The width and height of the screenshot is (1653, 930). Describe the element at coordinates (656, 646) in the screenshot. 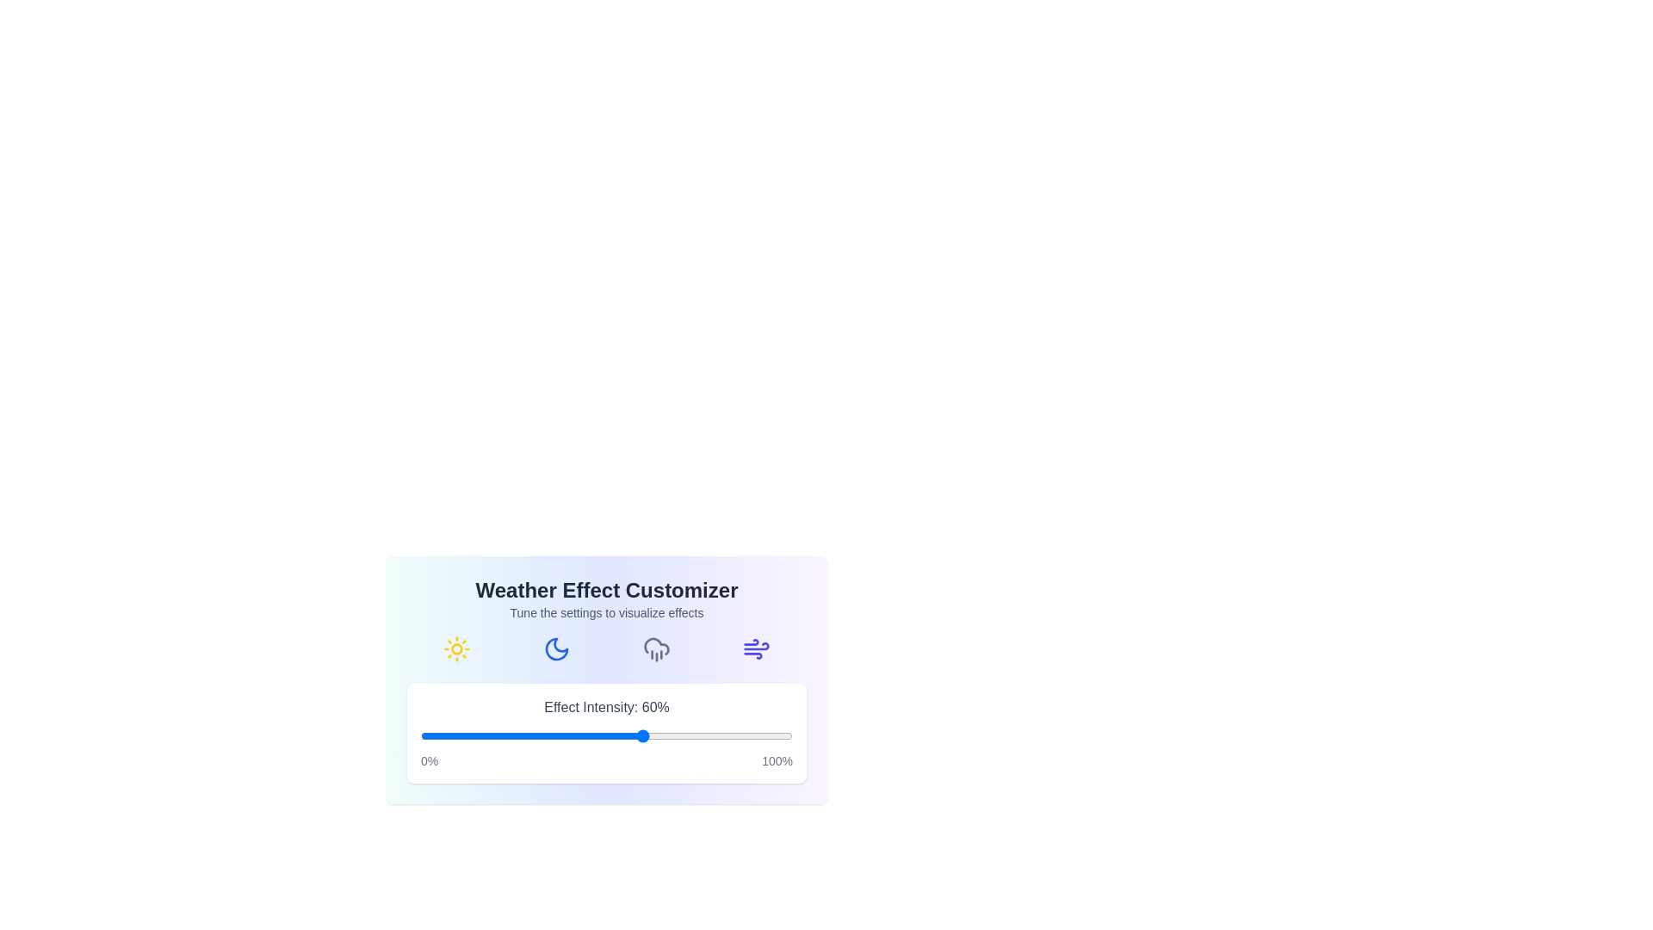

I see `the central cloud element of the weather icon set, which is a grayish vector graphic with subtle outlines` at that location.